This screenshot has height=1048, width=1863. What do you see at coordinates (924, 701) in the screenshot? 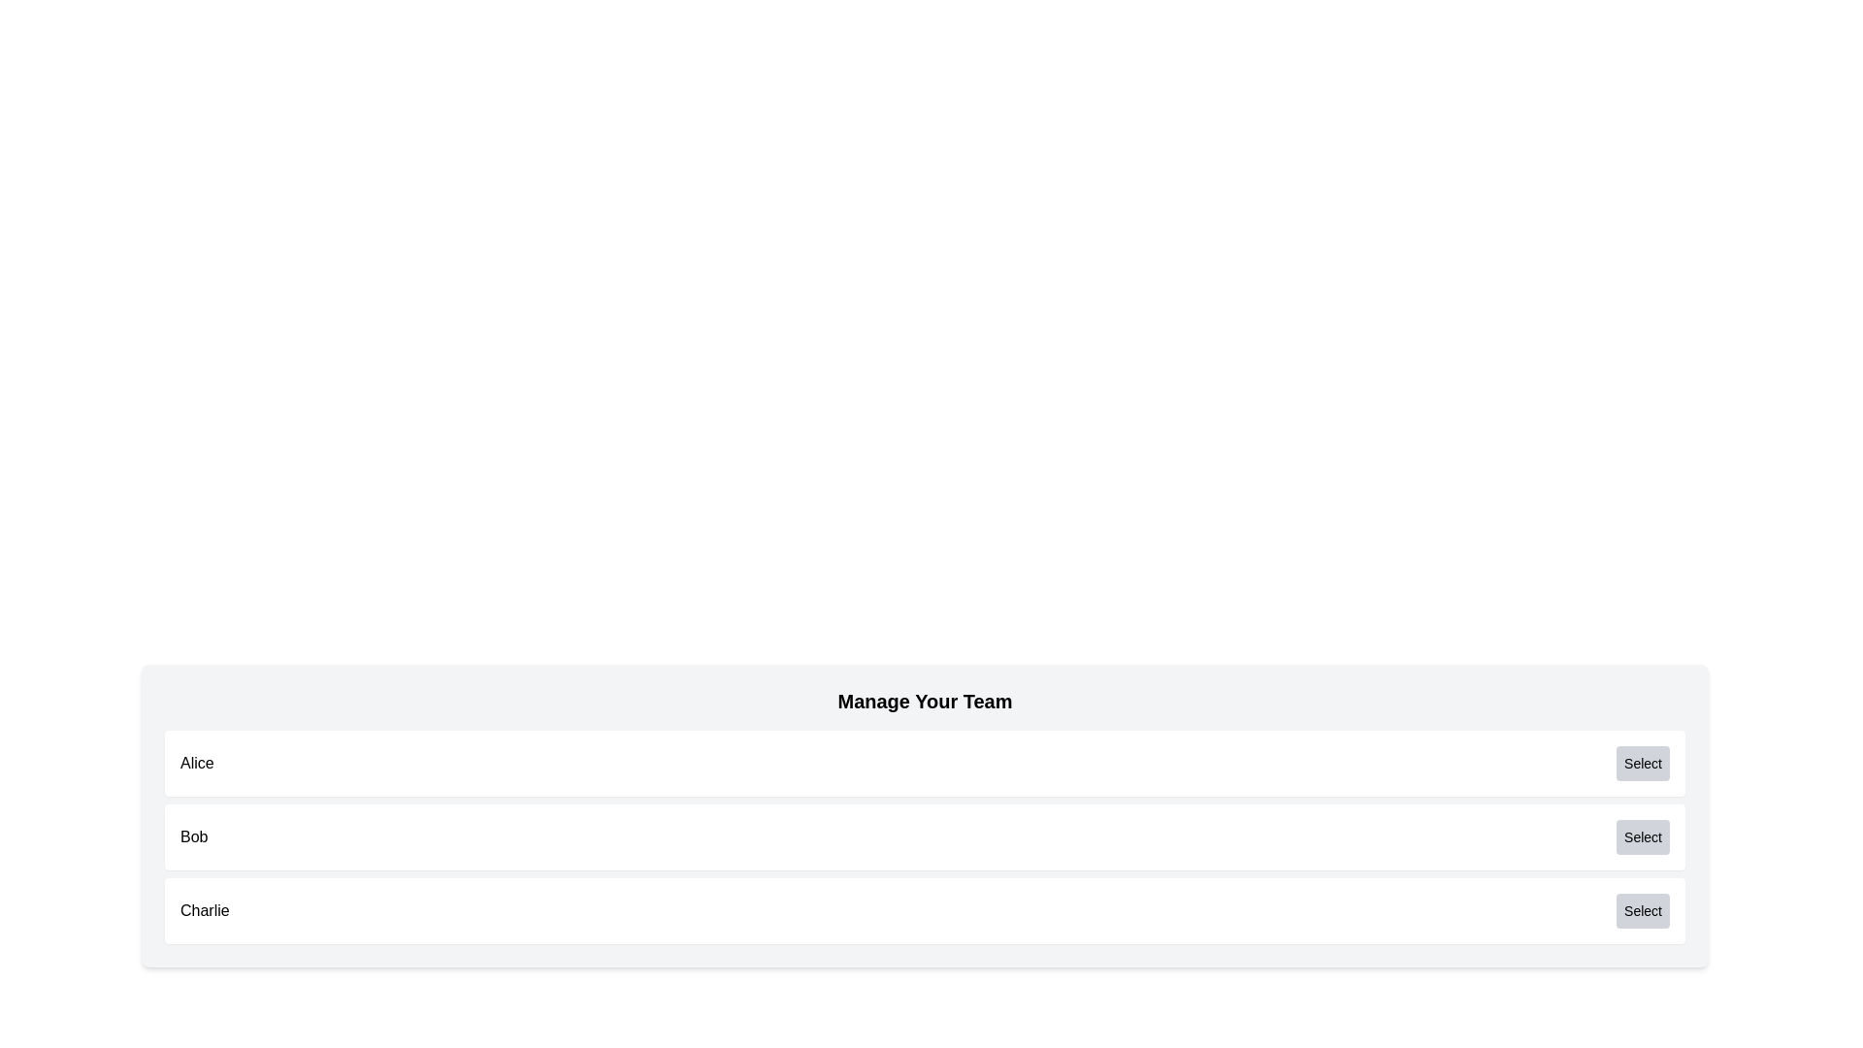
I see `the 'Manage Your Team' text label, which is a bold header positioned at the top of the team management section` at bounding box center [924, 701].